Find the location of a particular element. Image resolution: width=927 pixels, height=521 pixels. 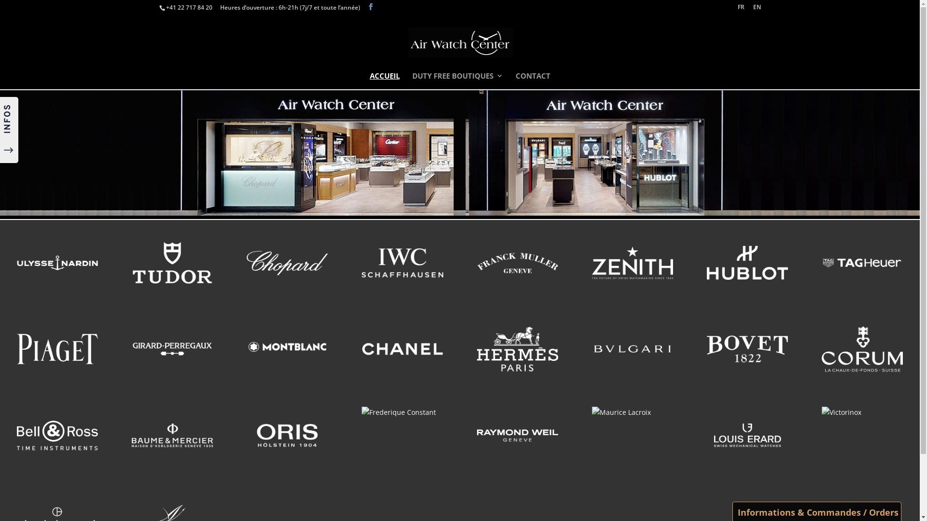

'FR' is located at coordinates (741, 9).